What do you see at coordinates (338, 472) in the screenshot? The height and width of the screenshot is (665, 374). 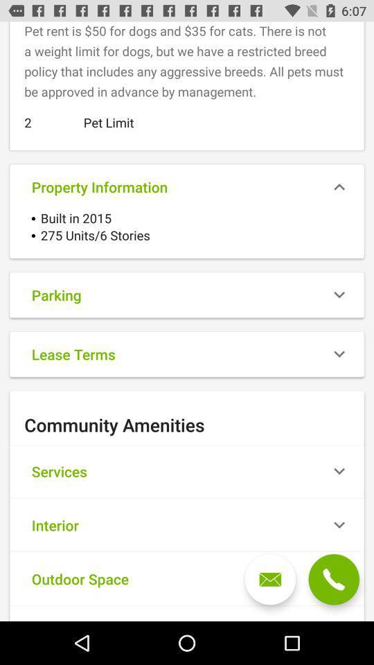 I see `the icon which is right to the services option` at bounding box center [338, 472].